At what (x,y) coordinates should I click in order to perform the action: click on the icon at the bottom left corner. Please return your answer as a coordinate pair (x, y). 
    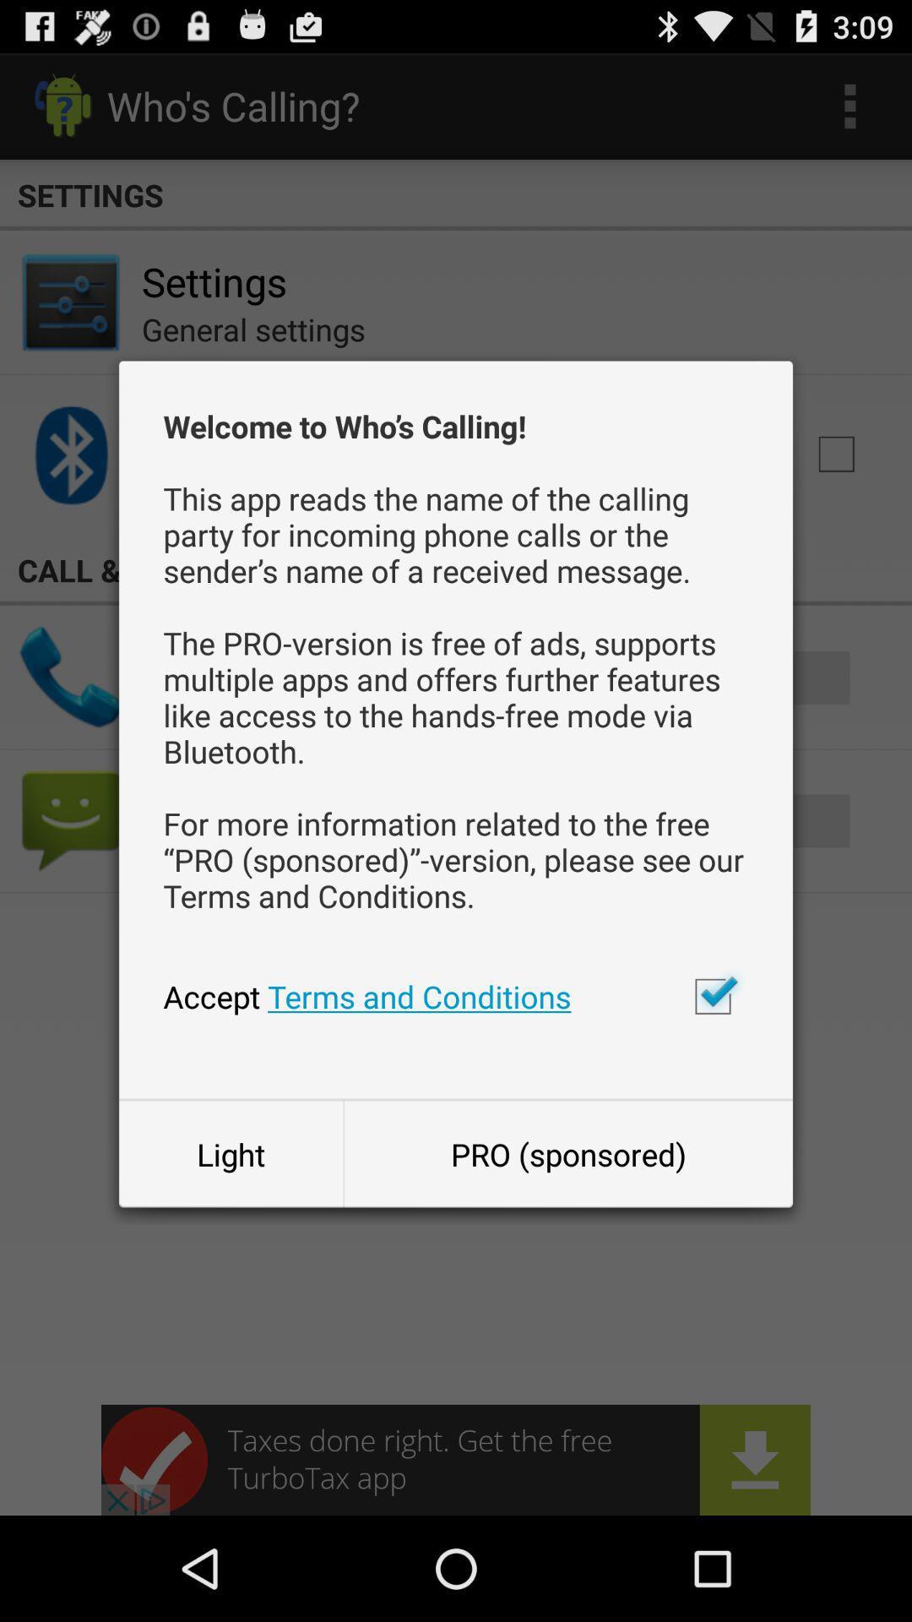
    Looking at the image, I should click on (231, 1153).